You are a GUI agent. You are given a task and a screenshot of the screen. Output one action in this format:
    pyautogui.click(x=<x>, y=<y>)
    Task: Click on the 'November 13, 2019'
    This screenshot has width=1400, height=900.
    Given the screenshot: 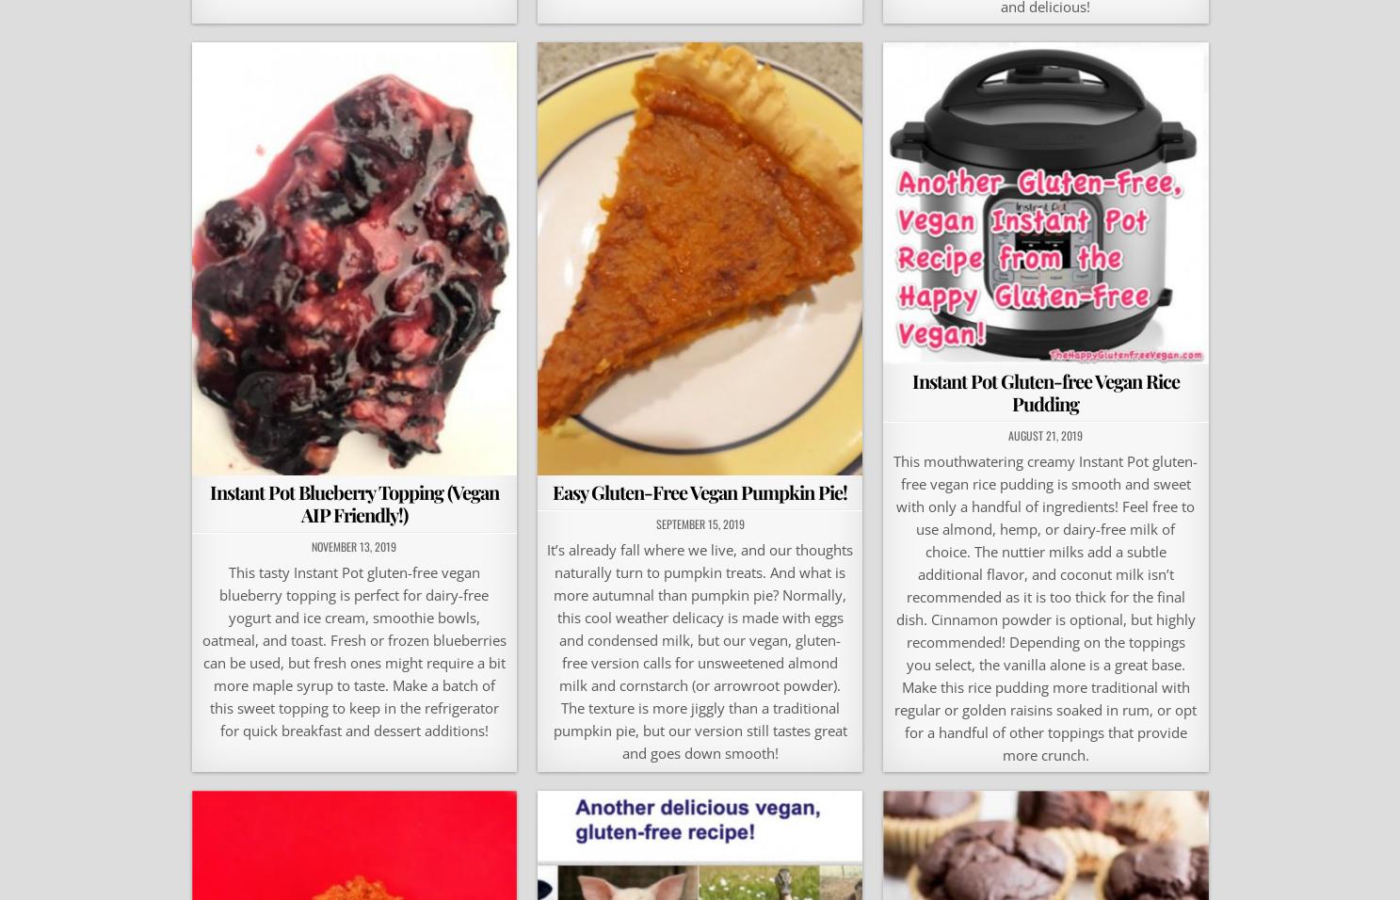 What is the action you would take?
    pyautogui.click(x=354, y=545)
    